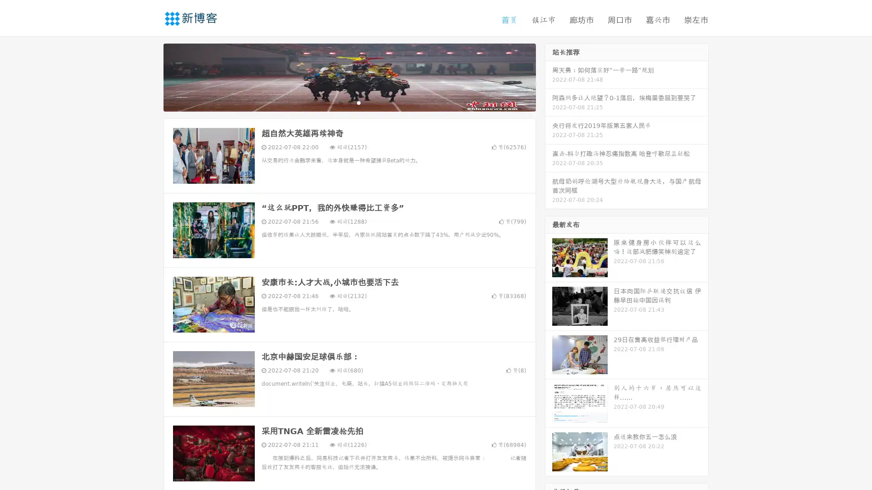 The image size is (872, 490). I want to click on Go to slide 3, so click(358, 102).